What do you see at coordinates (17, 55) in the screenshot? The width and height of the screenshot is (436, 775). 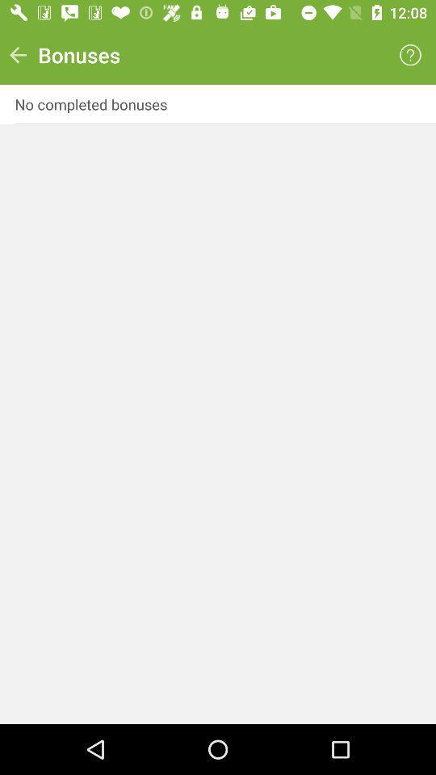 I see `icon next to bonuses item` at bounding box center [17, 55].